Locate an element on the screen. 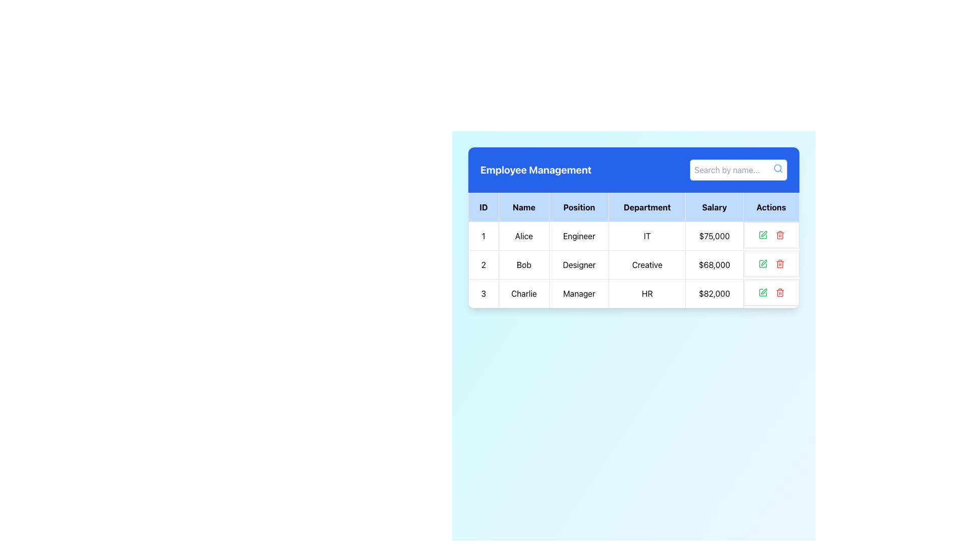  the delete button located at the rightmost side of the 'Actions' column, aligned with the third row for the 'Charlie' entry is located at coordinates (779, 292).